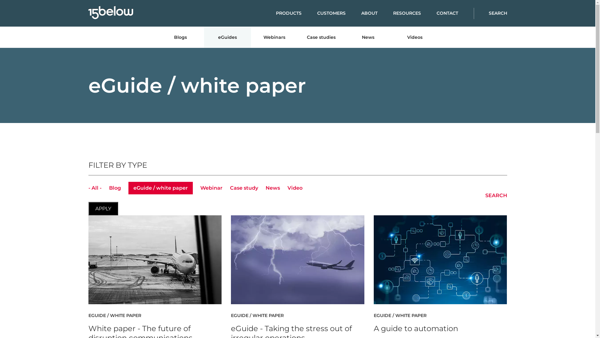 The width and height of the screenshot is (600, 338). Describe the element at coordinates (295, 187) in the screenshot. I see `'Video'` at that location.